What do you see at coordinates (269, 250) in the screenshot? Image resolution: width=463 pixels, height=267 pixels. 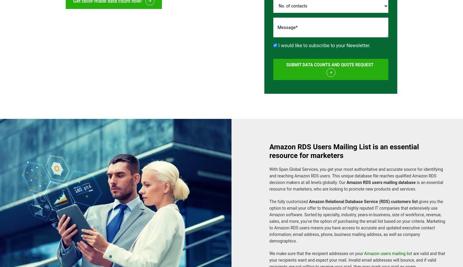 I see `'We make sure that the recipient addresses on your'` at bounding box center [269, 250].